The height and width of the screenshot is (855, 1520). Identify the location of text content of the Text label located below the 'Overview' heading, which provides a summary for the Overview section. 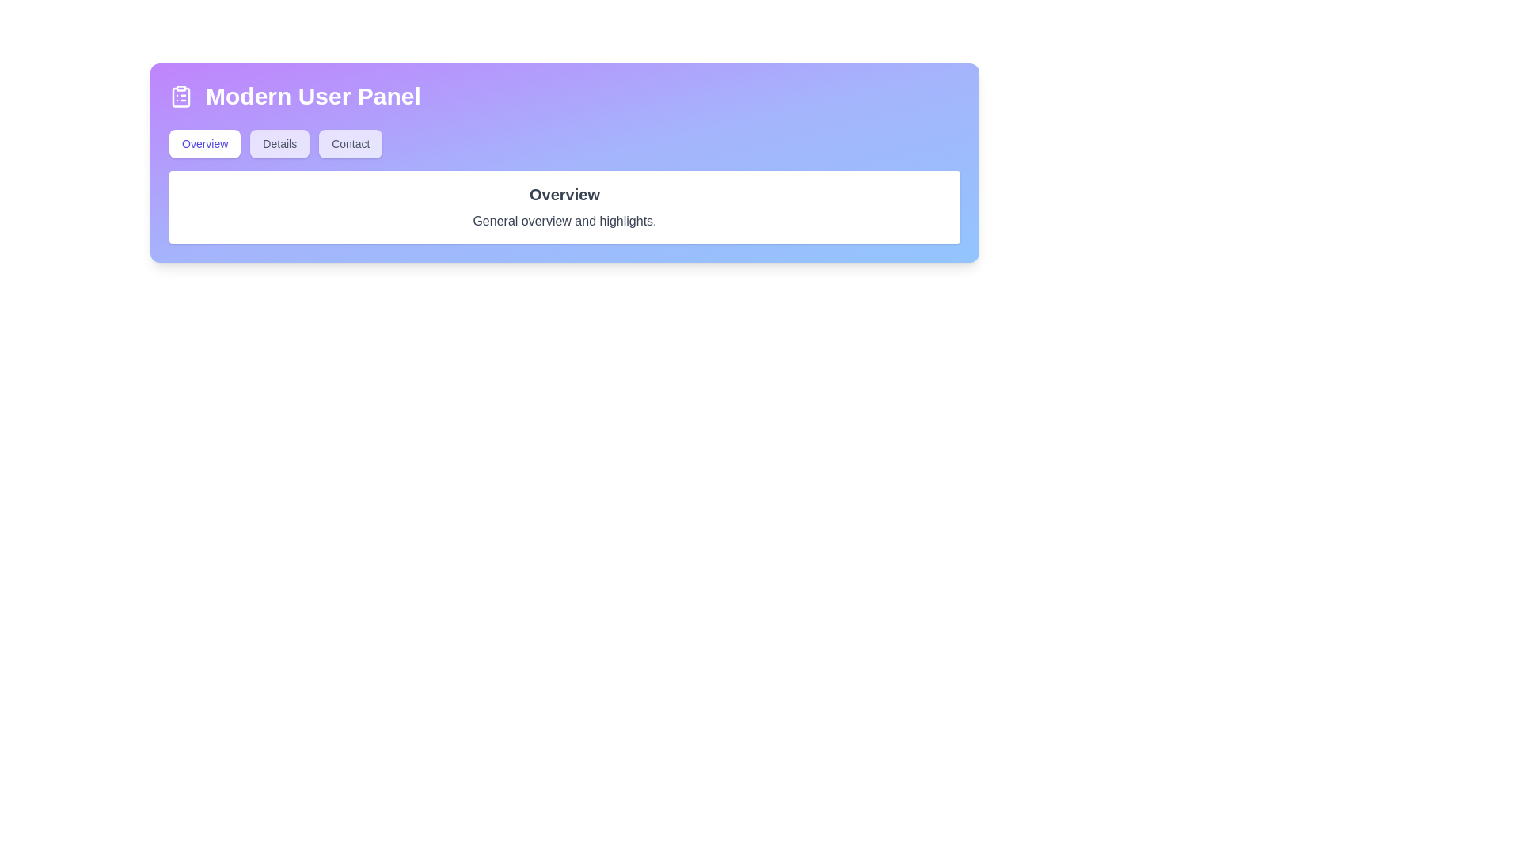
(564, 222).